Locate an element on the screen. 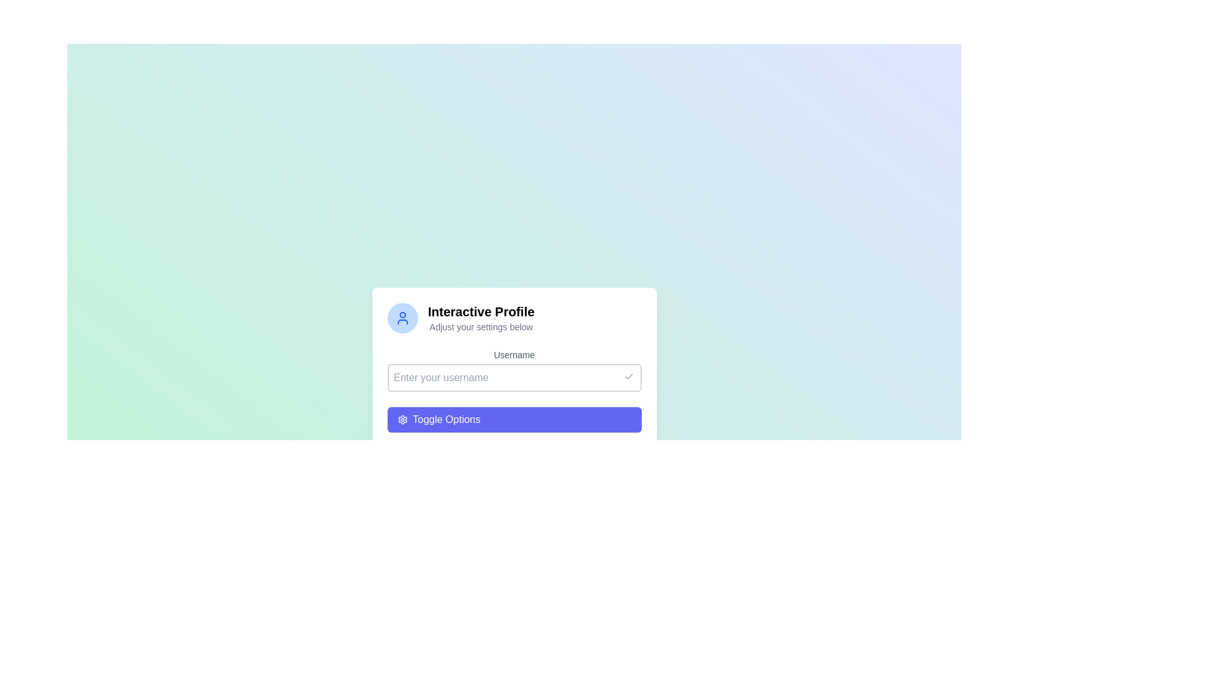  descriptive text below the 'Toggle Options' button in the section group, which has a blue rectangular background and contains additional settings information is located at coordinates (514, 438).